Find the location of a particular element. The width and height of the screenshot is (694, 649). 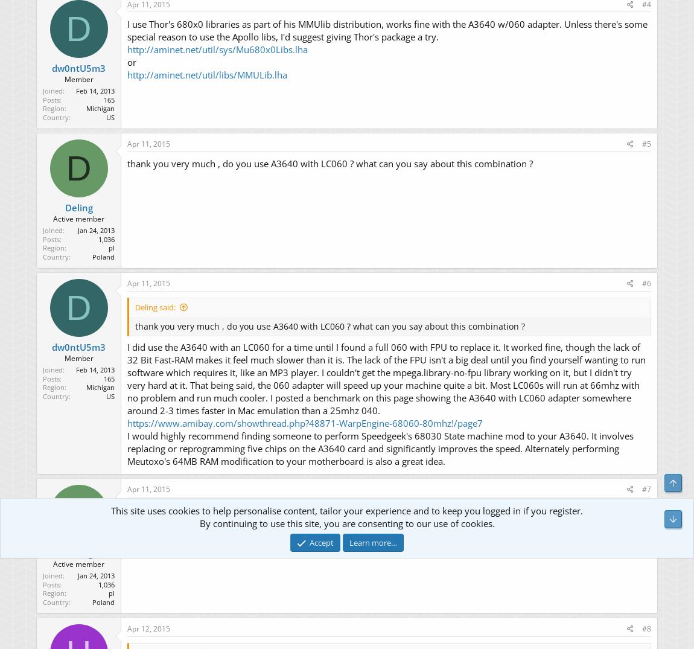

'Learn more…' is located at coordinates (372, 541).